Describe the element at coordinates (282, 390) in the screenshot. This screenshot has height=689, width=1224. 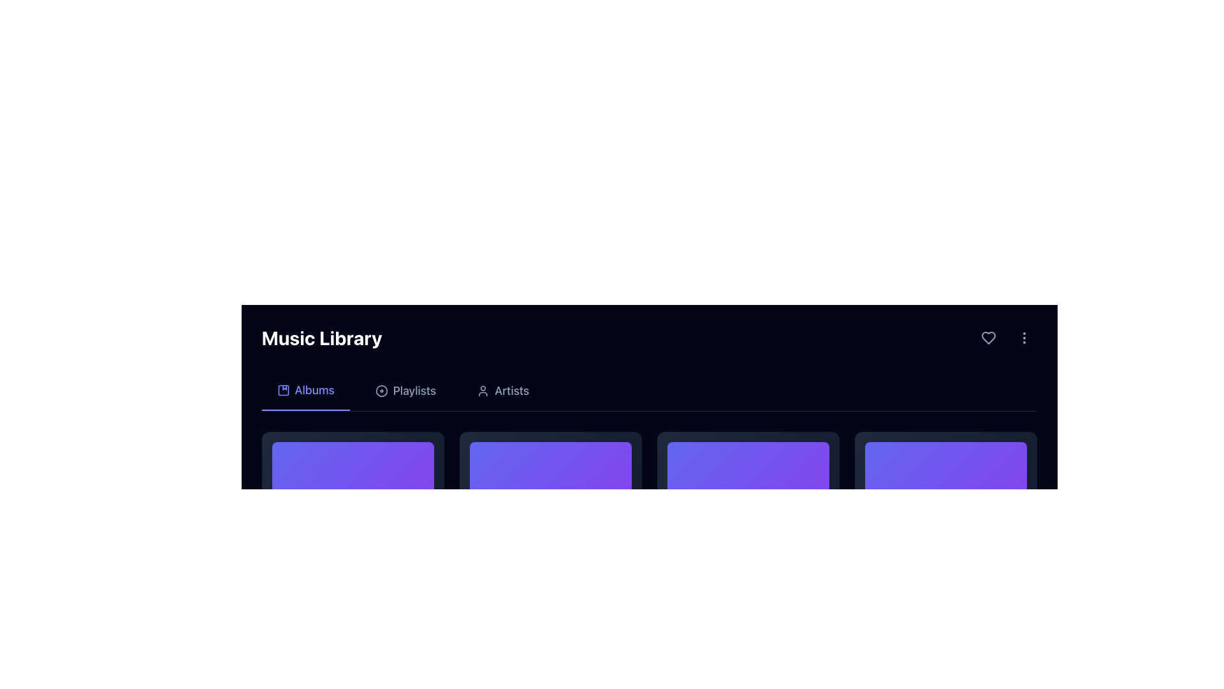
I see `the 'Albums' icon located in the top left of the navigation panel` at that location.